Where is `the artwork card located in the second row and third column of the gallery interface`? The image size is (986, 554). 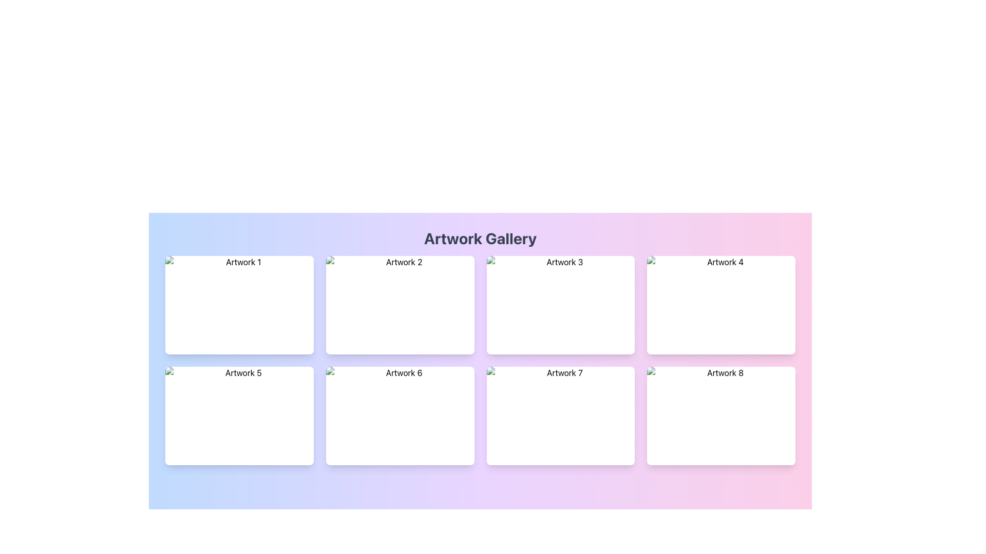 the artwork card located in the second row and third column of the gallery interface is located at coordinates (560, 415).